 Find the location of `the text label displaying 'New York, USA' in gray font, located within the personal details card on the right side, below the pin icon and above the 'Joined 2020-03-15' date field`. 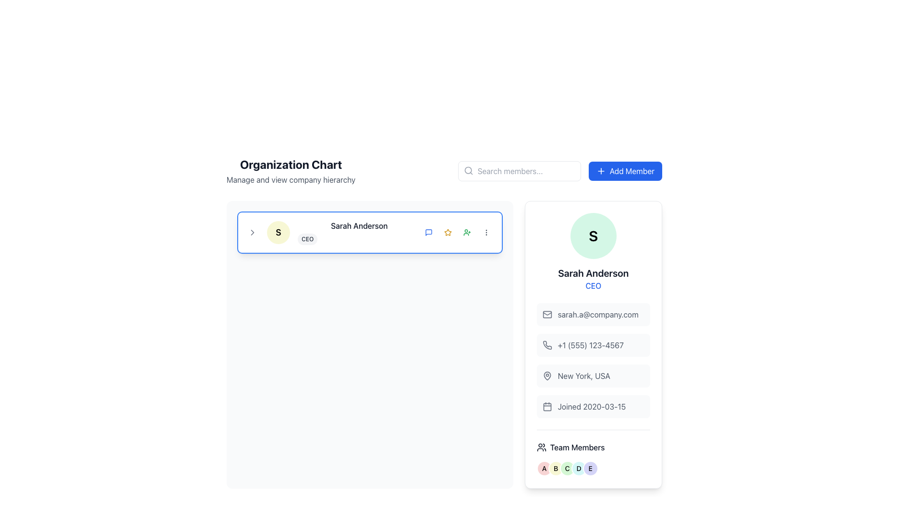

the text label displaying 'New York, USA' in gray font, located within the personal details card on the right side, below the pin icon and above the 'Joined 2020-03-15' date field is located at coordinates (583, 375).